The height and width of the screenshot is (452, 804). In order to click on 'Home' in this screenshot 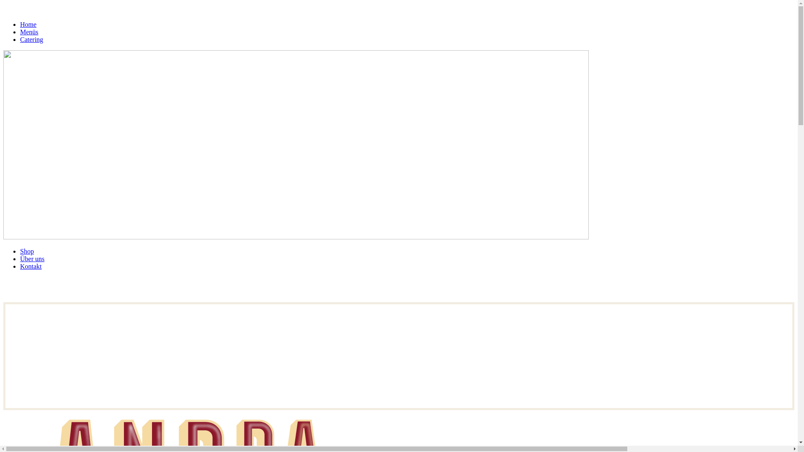, I will do `click(28, 24)`.